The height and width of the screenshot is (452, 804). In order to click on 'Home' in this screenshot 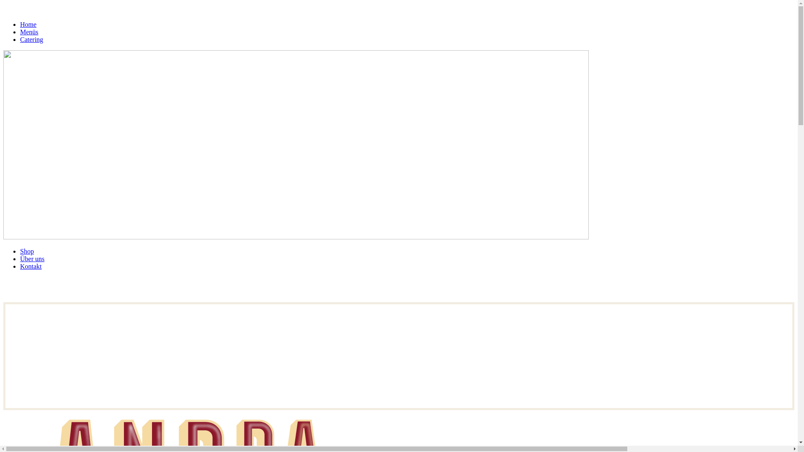, I will do `click(28, 24)`.